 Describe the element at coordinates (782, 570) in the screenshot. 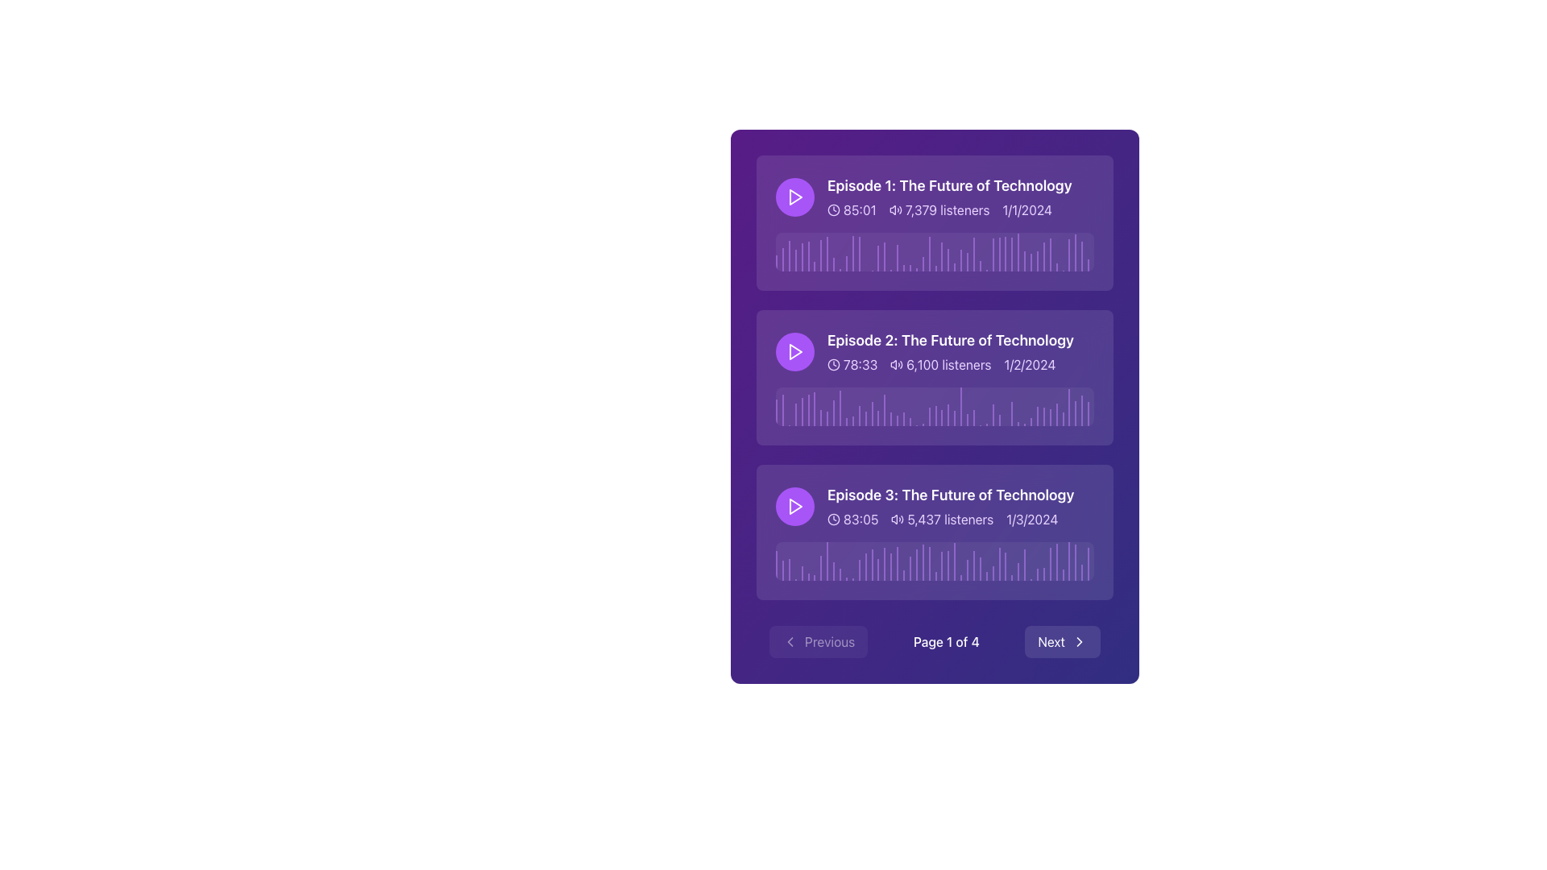

I see `the semi-transparent purple vertical bar located in the bottom bar of 'Episode 3: The Future of Technology', which is the second bar from the left` at that location.